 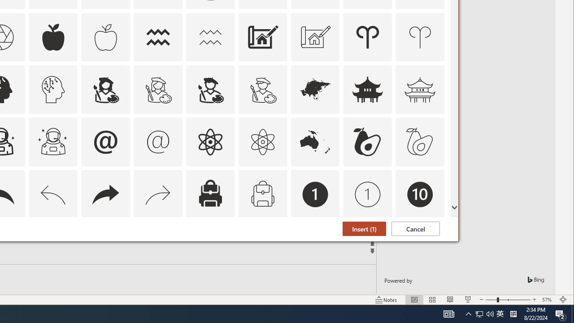 What do you see at coordinates (53, 141) in the screenshot?
I see `'AutomationID: Icons_AstronautMale_M'` at bounding box center [53, 141].